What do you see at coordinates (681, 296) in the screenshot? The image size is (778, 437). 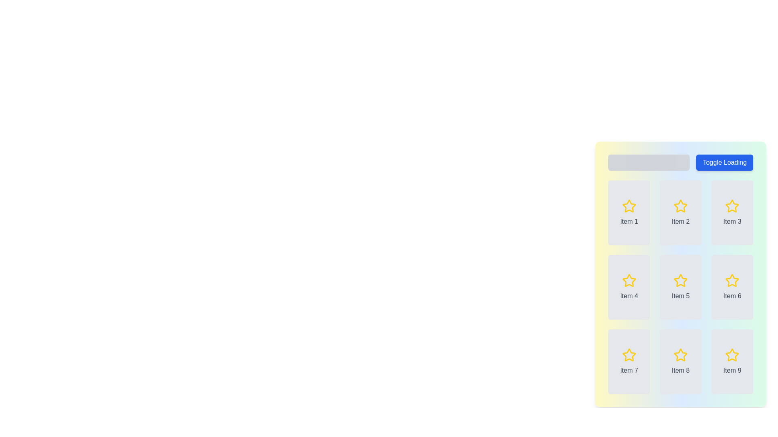 I see `the text label that reads 'Item 5', which is located at the center of the bottom cell in the second row of a grid layout, directly below a yellow star icon` at bounding box center [681, 296].